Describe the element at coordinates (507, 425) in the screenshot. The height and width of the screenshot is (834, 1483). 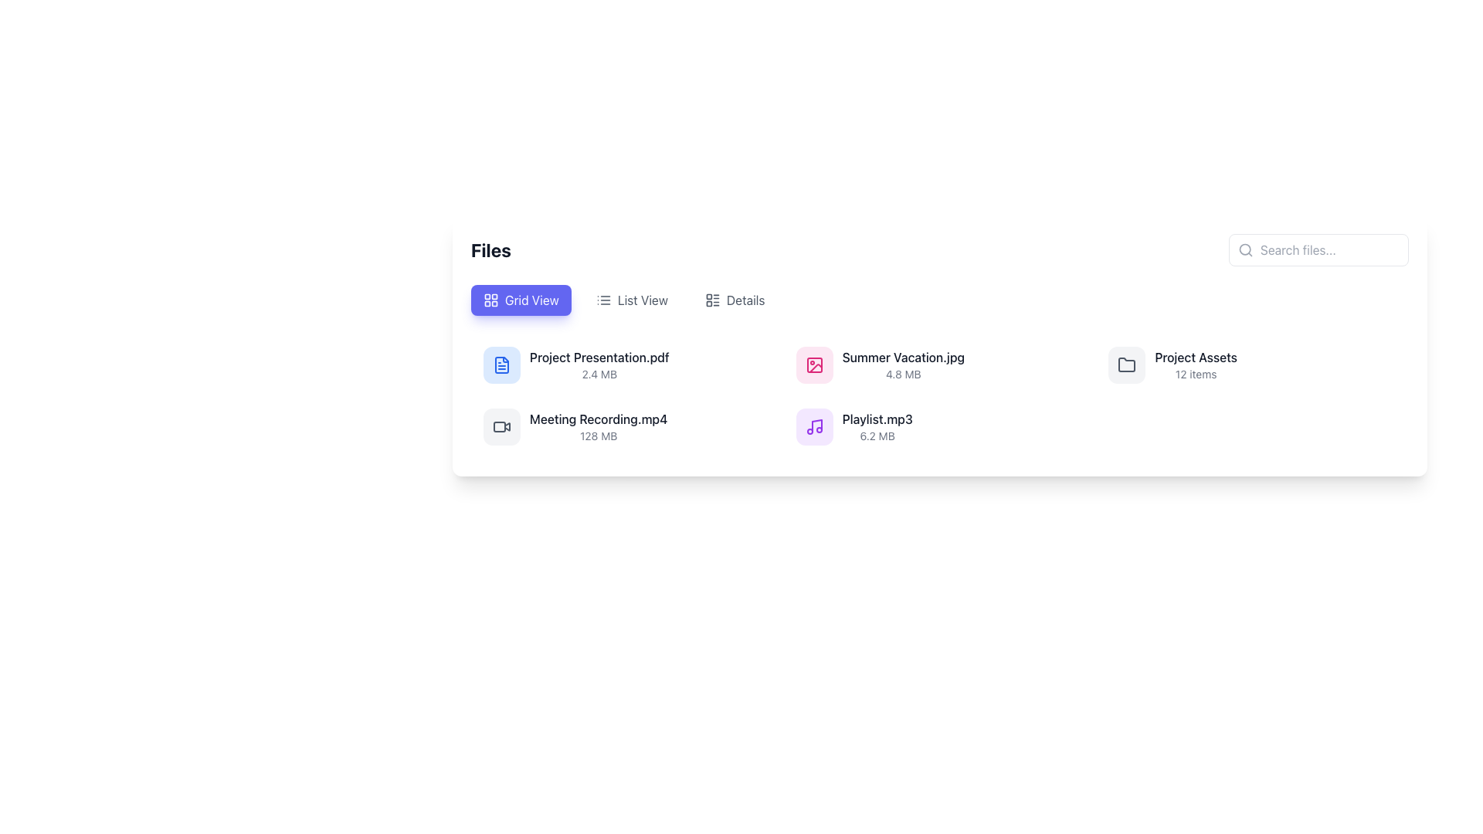
I see `the decorative vector graphic in the icon for the 'Meeting Recording.mp4' file, which indicates the video format of the file` at that location.